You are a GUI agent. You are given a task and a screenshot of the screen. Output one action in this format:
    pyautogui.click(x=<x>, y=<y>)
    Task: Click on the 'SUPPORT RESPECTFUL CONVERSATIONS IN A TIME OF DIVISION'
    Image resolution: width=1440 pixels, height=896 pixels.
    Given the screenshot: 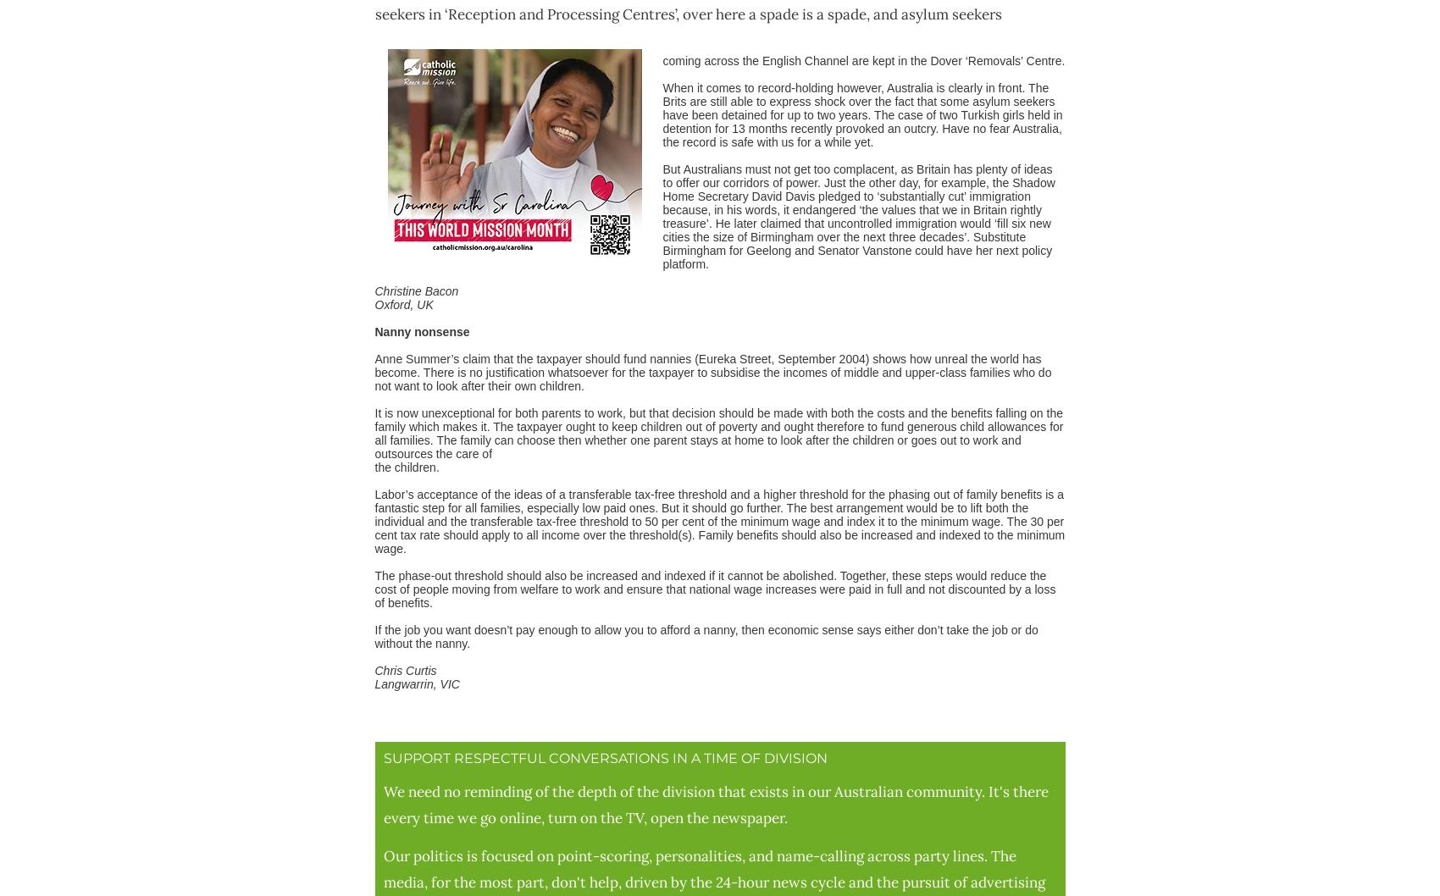 What is the action you would take?
    pyautogui.click(x=605, y=758)
    